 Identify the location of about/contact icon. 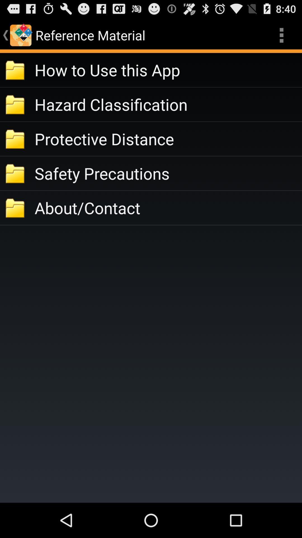
(168, 207).